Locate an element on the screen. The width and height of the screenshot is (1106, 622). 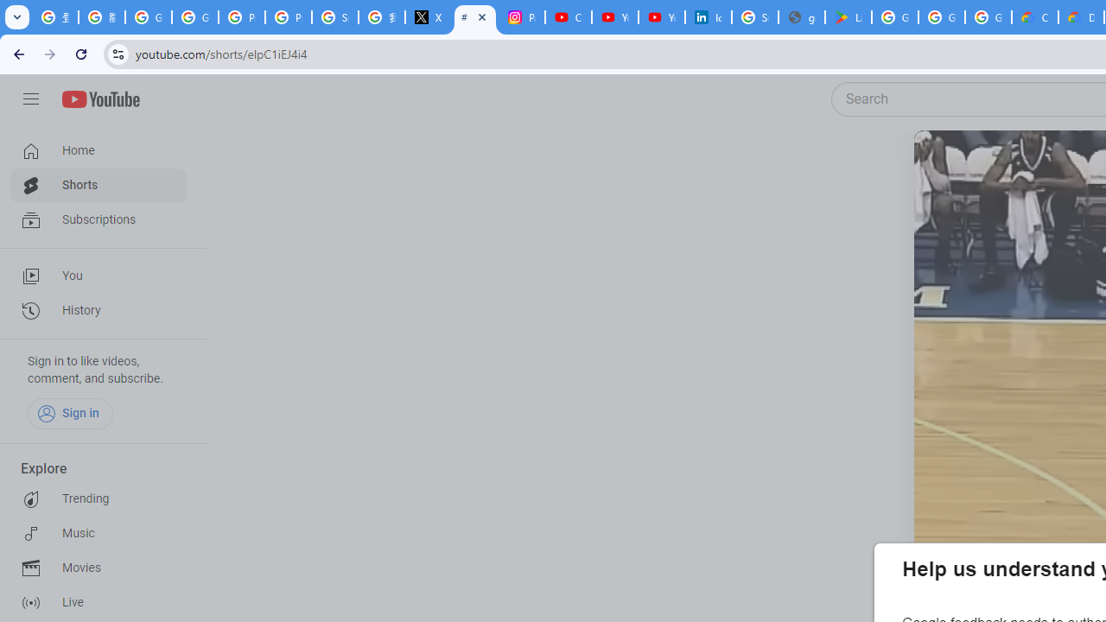
'Customer Care | Google Cloud' is located at coordinates (1035, 17).